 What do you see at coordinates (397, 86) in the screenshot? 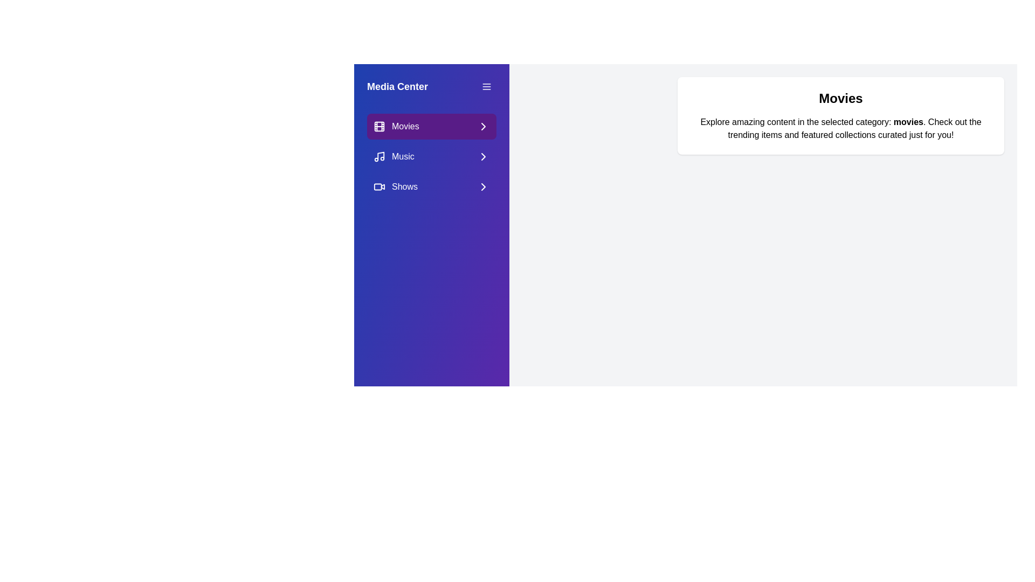
I see `text label positioned at the top-left of the sidebar, which serves as the prominent title or heading for the sidebar content` at bounding box center [397, 86].